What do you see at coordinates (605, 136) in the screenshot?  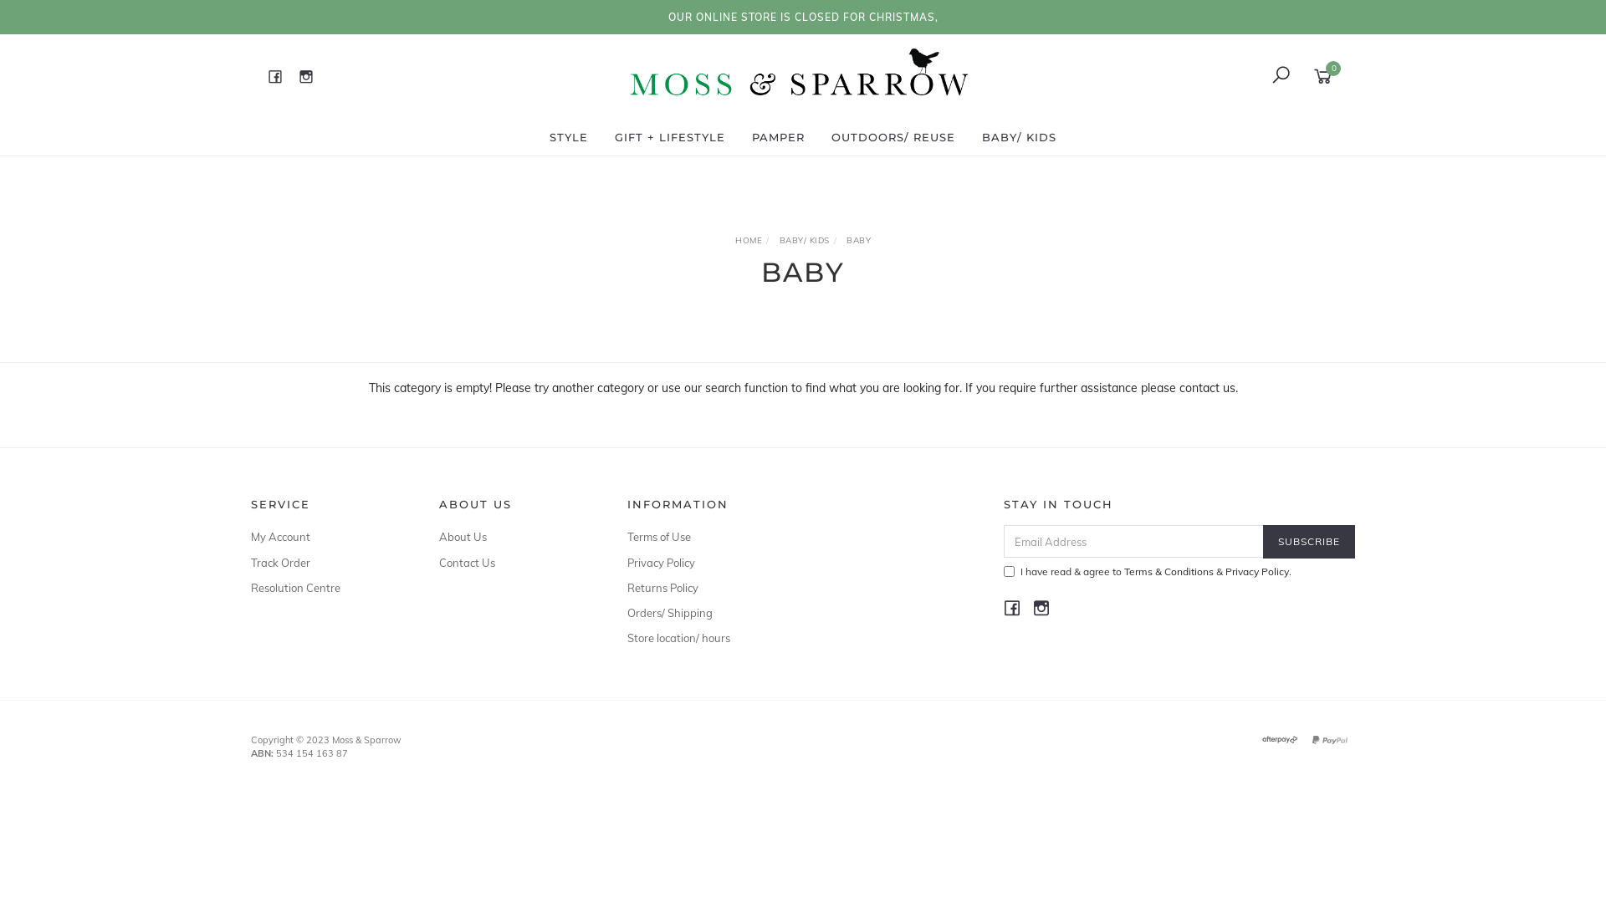 I see `'GIFT + LIFESTYLE'` at bounding box center [605, 136].